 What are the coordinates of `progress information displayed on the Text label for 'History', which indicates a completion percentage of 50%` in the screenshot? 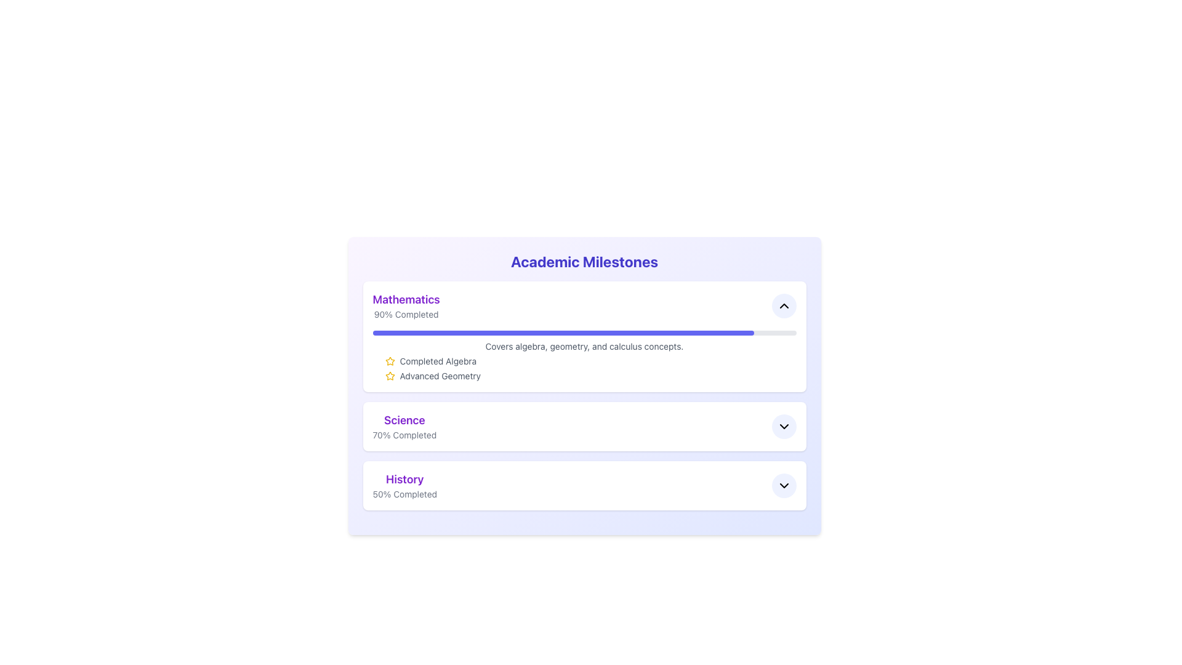 It's located at (404, 485).